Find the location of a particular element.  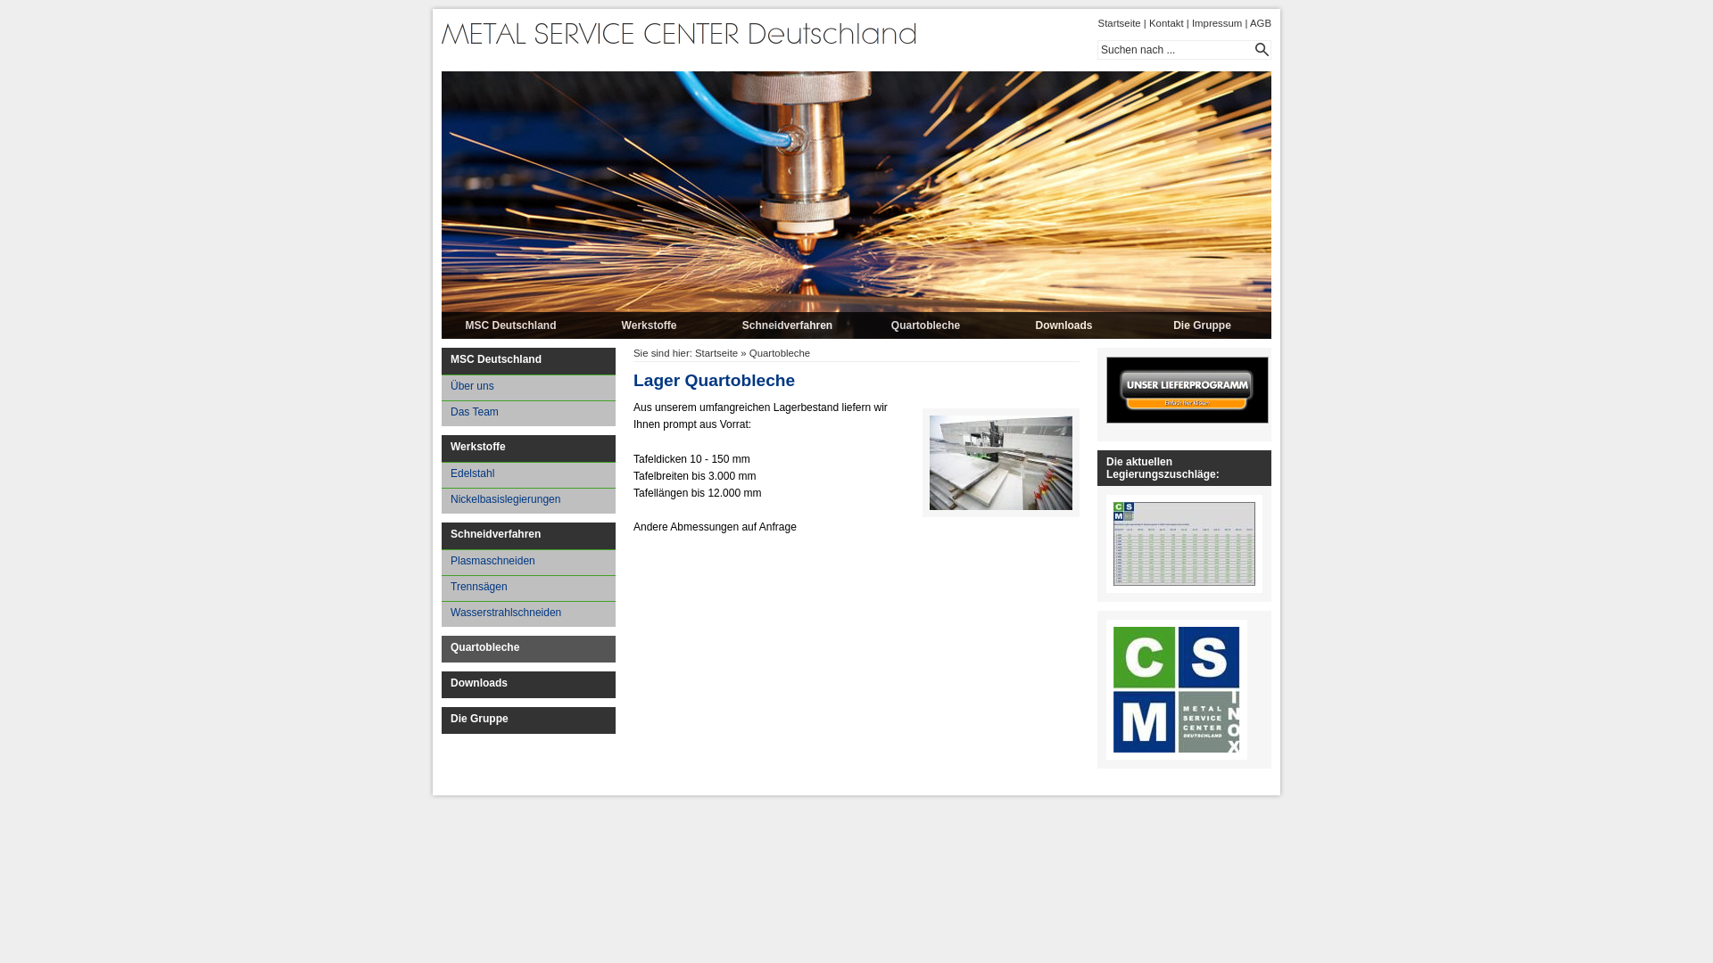

'Wasserstrahlschneiden' is located at coordinates (527, 613).